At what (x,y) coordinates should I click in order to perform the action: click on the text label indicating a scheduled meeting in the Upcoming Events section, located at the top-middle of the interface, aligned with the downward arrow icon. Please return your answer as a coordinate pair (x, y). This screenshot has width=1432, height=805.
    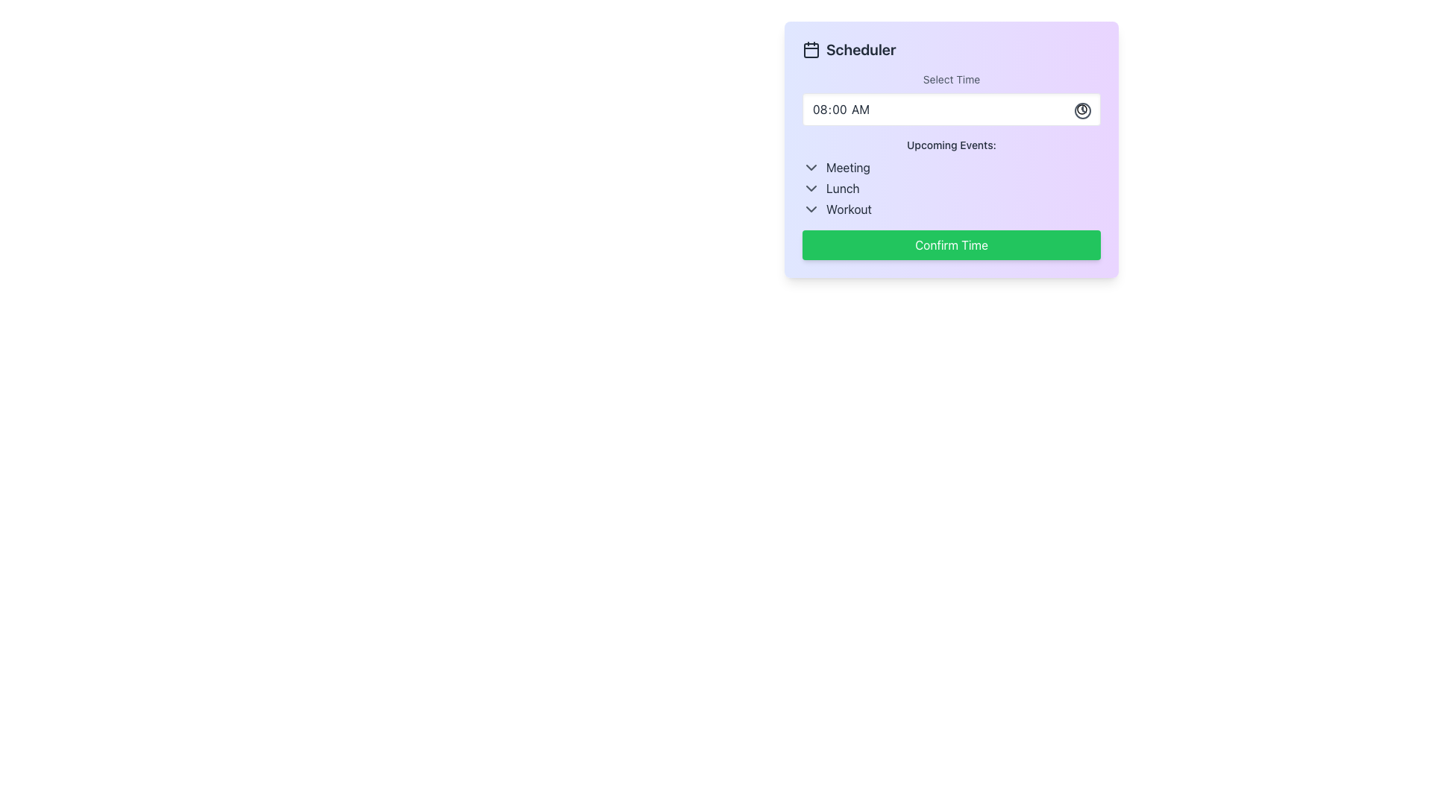
    Looking at the image, I should click on (848, 167).